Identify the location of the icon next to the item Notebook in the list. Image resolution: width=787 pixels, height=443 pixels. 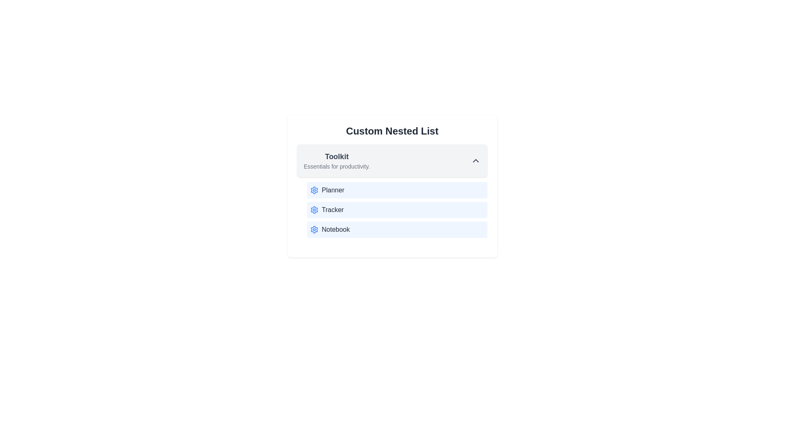
(314, 229).